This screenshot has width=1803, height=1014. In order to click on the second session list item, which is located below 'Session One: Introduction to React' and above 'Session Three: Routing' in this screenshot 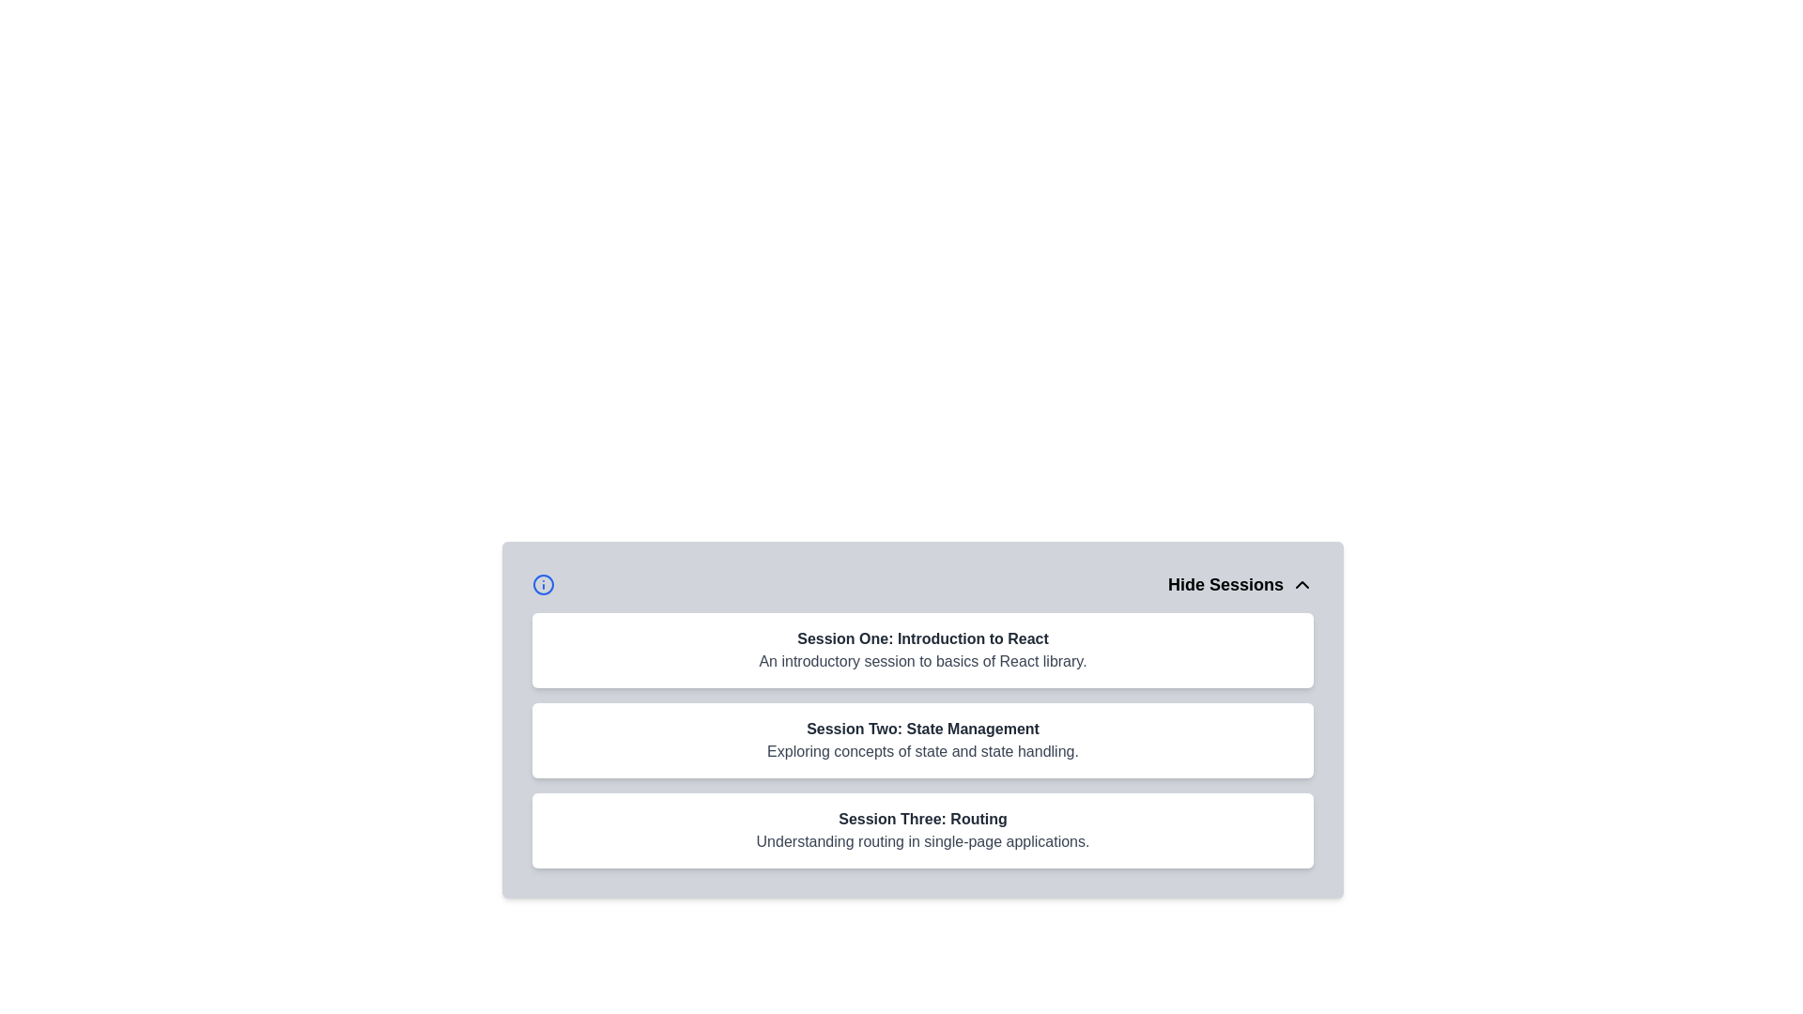, I will do `click(923, 740)`.